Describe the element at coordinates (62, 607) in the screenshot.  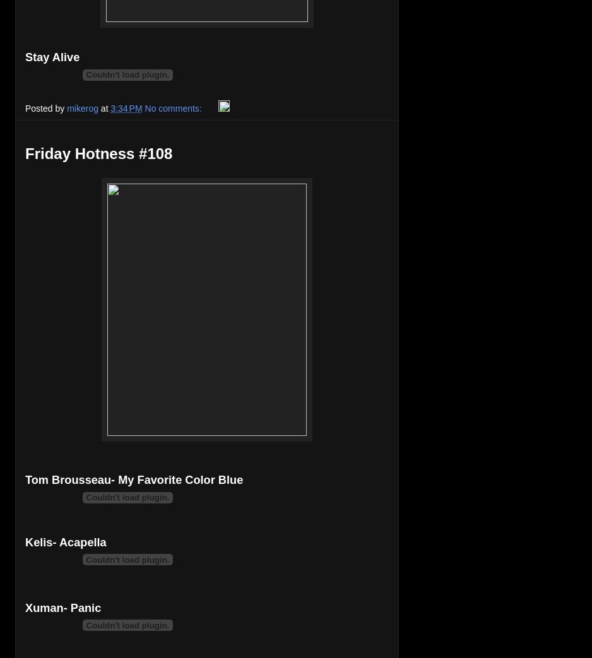
I see `'Xuman- Panic'` at that location.